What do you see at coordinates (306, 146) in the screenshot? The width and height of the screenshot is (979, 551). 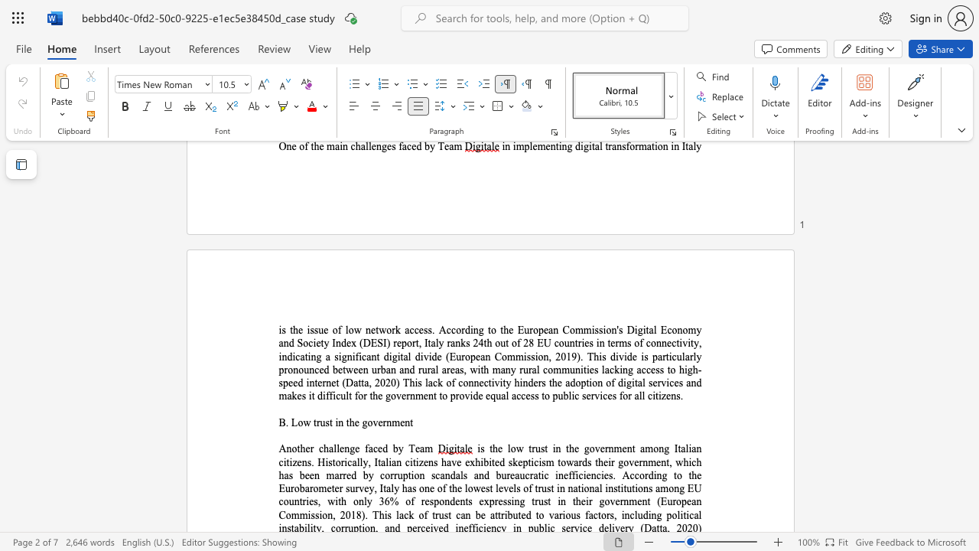 I see `the 1th character "f" in the text` at bounding box center [306, 146].